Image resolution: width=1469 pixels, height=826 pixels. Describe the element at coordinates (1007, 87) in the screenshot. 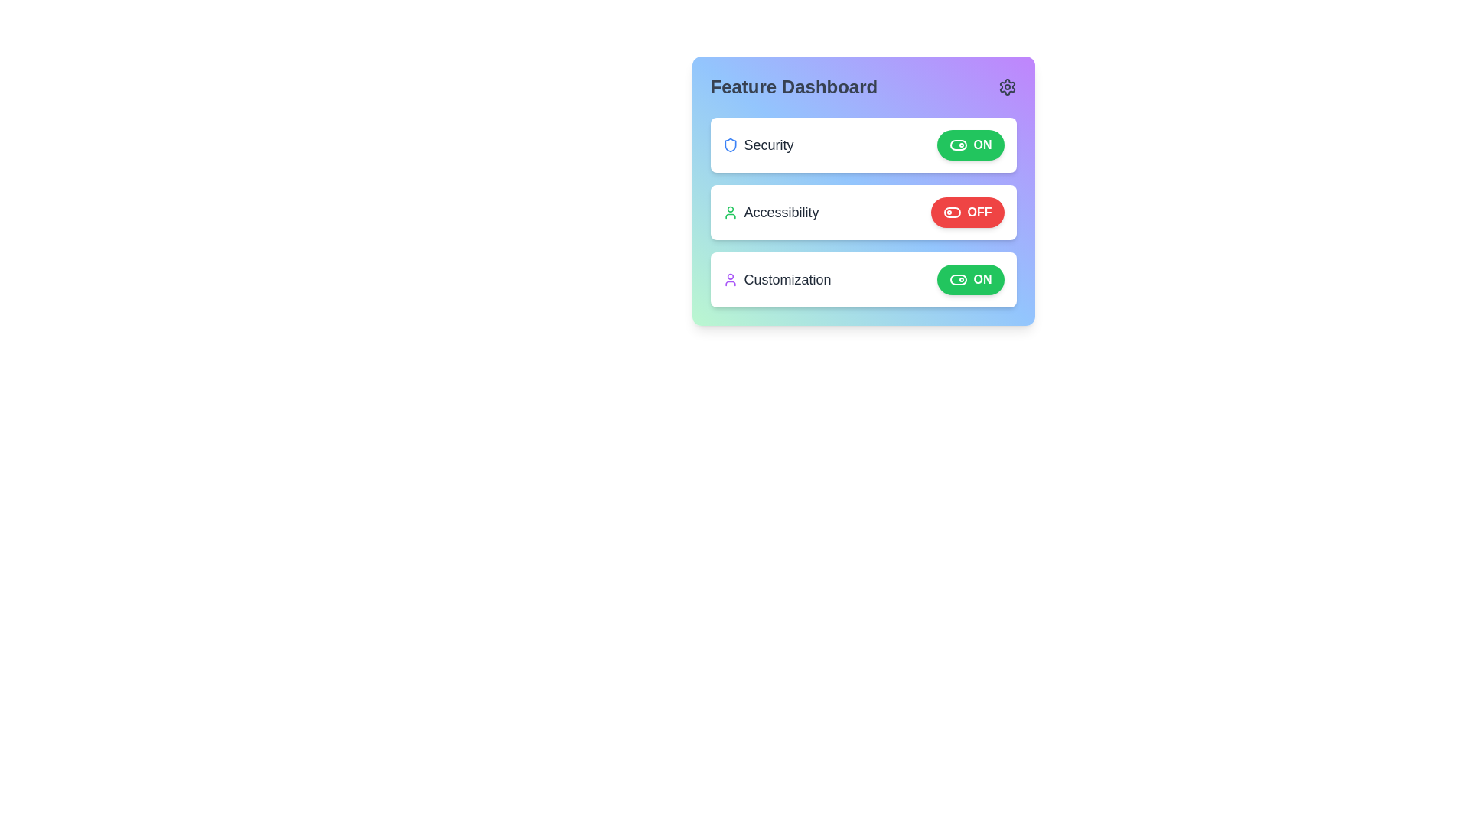

I see `the settings icon to open the settings menu` at that location.